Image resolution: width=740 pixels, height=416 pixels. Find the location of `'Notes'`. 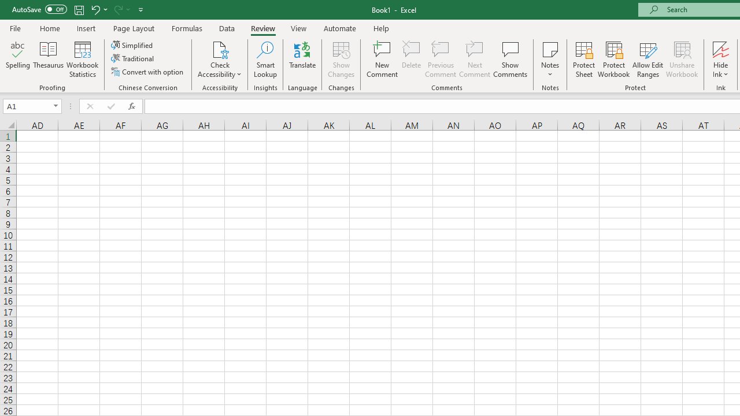

'Notes' is located at coordinates (549, 60).